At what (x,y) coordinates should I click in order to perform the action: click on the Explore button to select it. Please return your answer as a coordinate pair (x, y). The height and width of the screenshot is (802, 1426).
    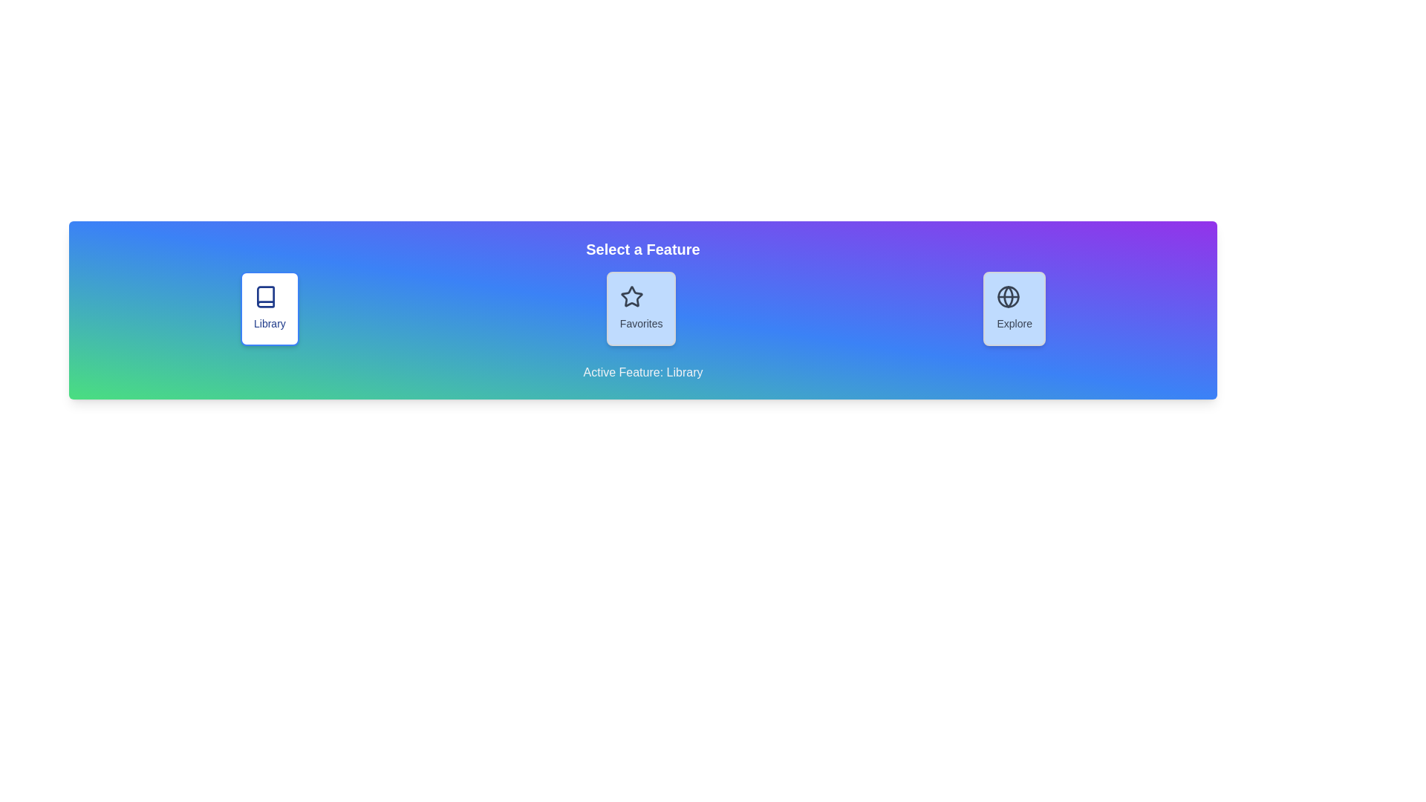
    Looking at the image, I should click on (1014, 308).